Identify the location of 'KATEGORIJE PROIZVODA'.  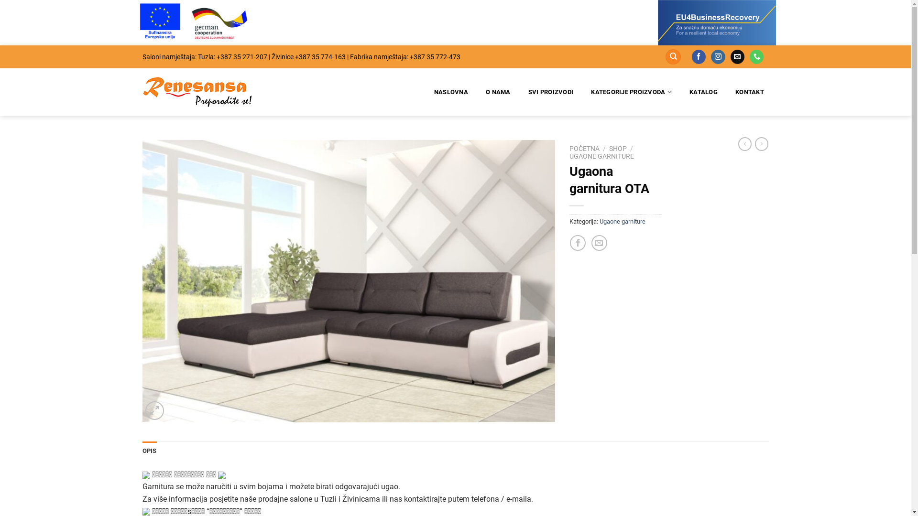
(631, 92).